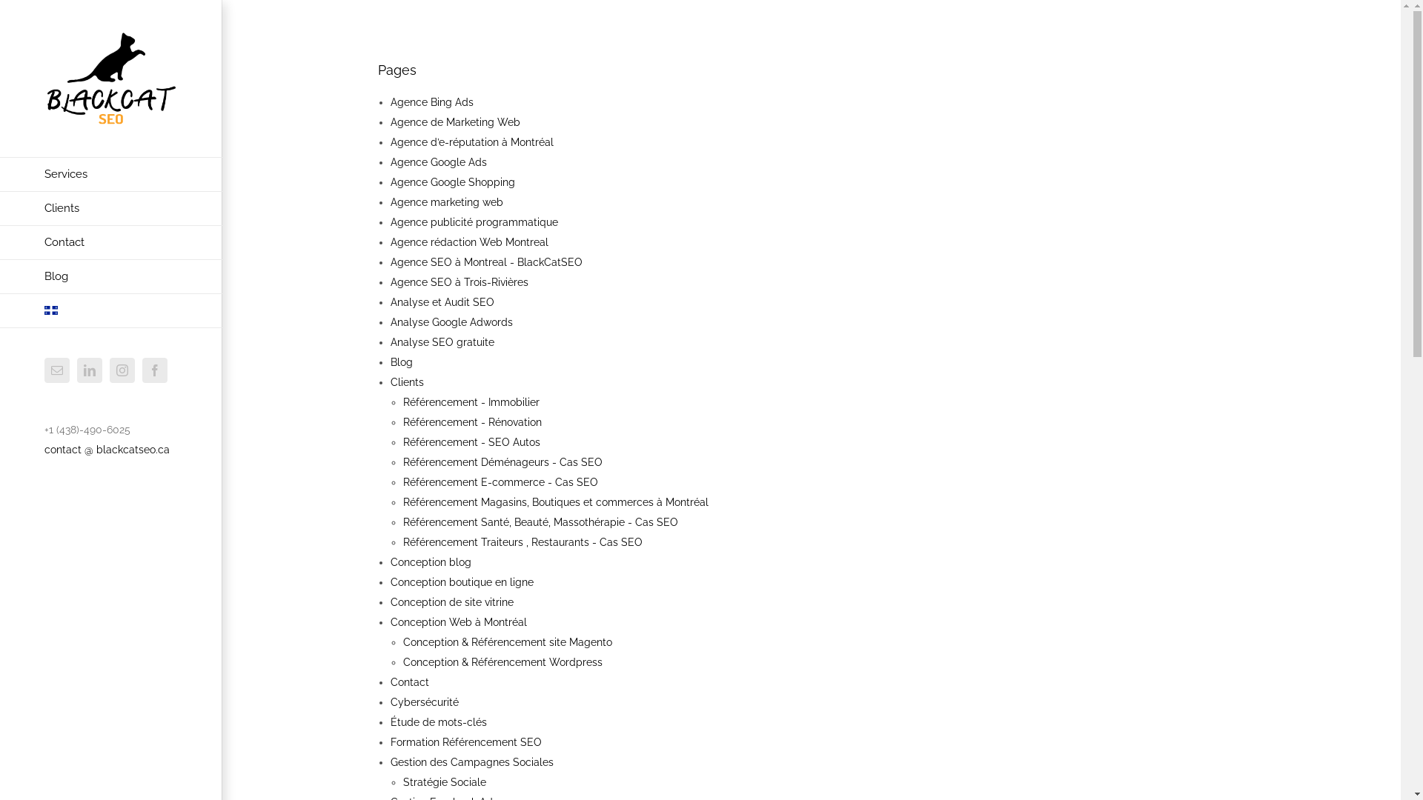 The height and width of the screenshot is (800, 1423). I want to click on 'Blog', so click(402, 362).